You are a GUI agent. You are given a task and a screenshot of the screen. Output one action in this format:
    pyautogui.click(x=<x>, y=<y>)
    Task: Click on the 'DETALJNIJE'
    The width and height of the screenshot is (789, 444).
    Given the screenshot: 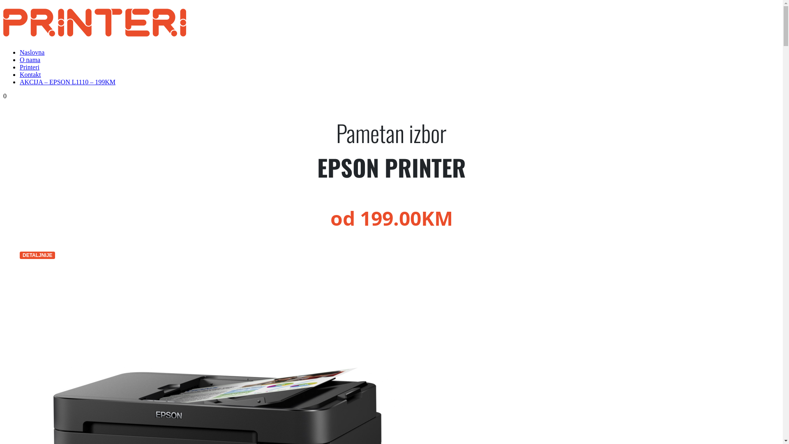 What is the action you would take?
    pyautogui.click(x=37, y=255)
    